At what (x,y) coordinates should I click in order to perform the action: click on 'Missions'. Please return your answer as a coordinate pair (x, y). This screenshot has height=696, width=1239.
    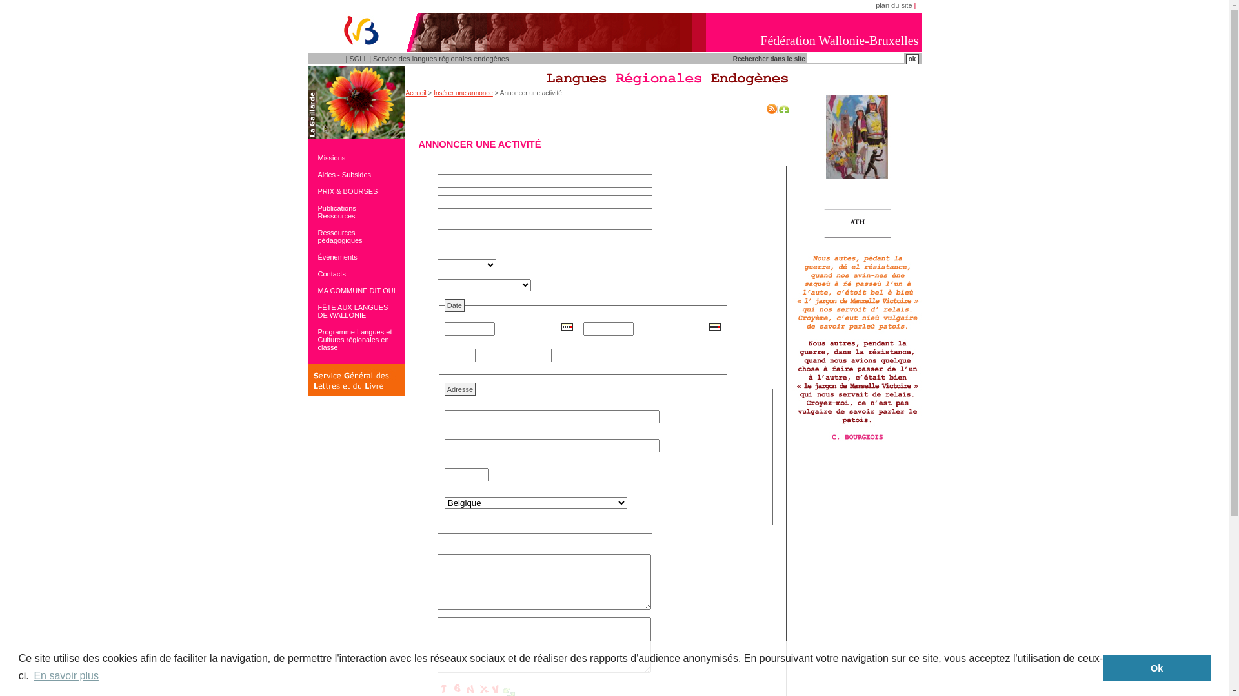
    Looking at the image, I should click on (354, 157).